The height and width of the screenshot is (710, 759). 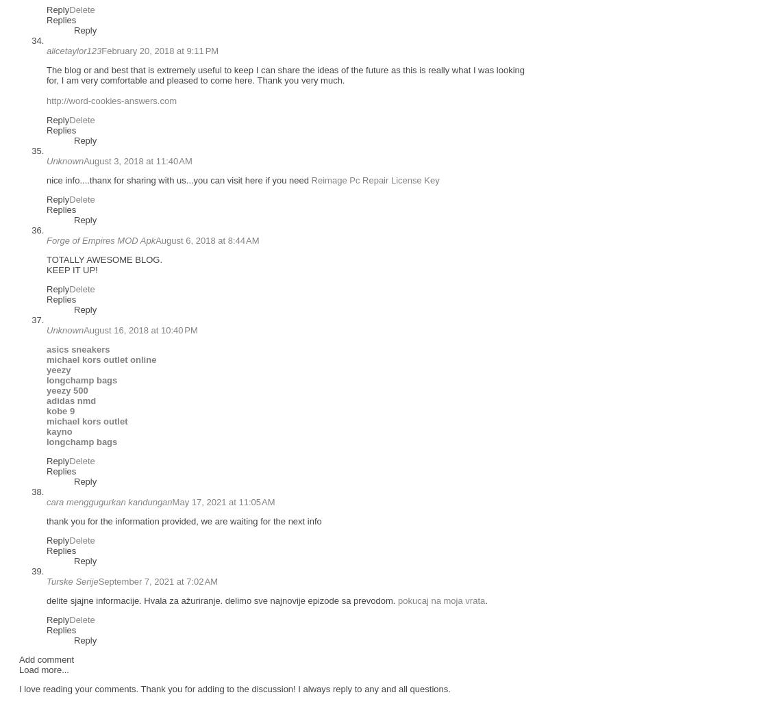 What do you see at coordinates (222, 502) in the screenshot?
I see `'May 17, 2021 at 11:05 AM'` at bounding box center [222, 502].